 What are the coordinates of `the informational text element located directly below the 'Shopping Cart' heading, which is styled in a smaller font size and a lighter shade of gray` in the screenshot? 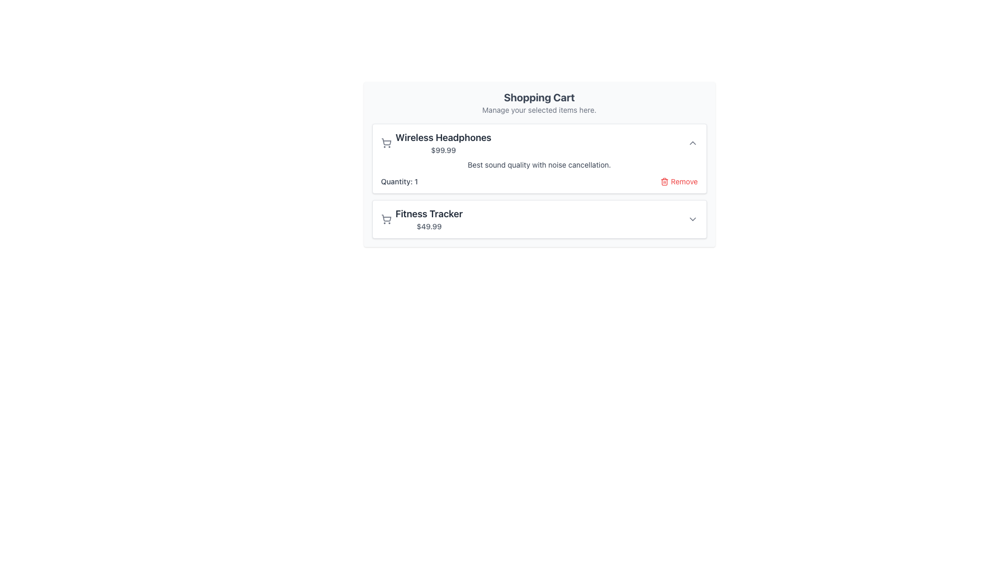 It's located at (539, 110).